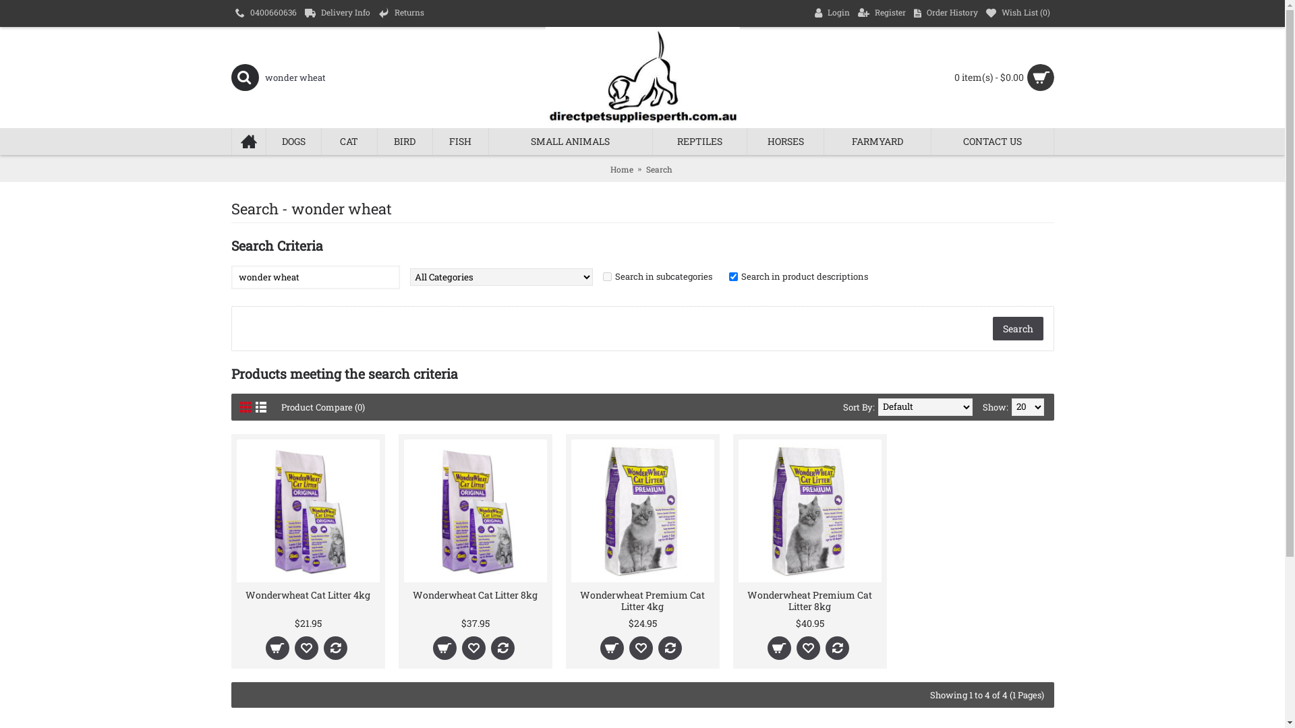 The image size is (1295, 728). Describe the element at coordinates (659, 168) in the screenshot. I see `'Search'` at that location.